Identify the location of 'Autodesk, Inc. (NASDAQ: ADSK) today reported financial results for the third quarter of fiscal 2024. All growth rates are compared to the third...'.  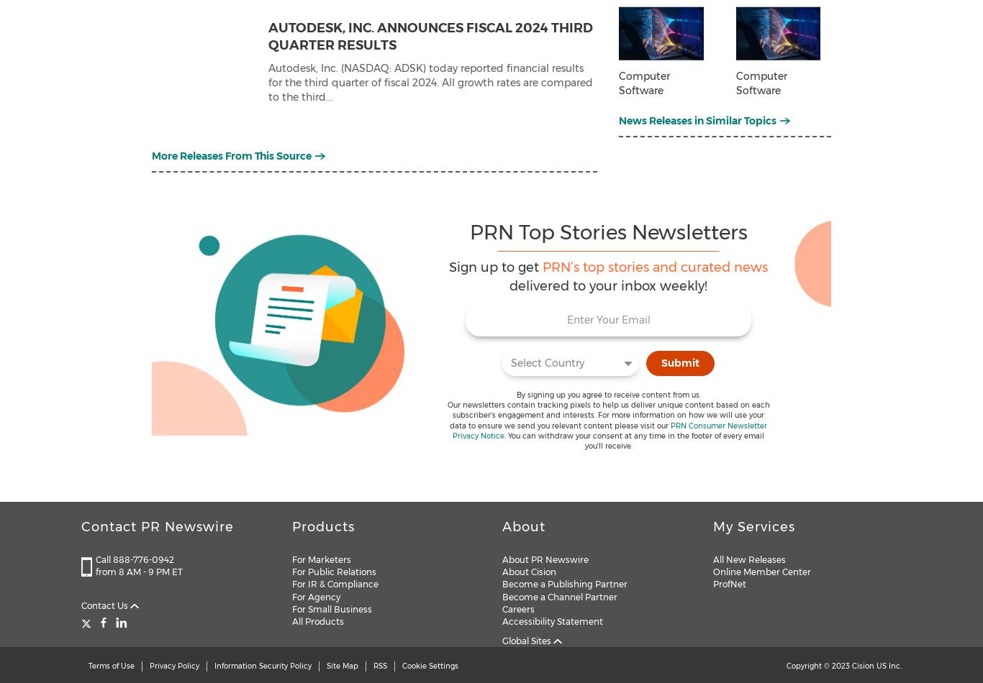
(429, 82).